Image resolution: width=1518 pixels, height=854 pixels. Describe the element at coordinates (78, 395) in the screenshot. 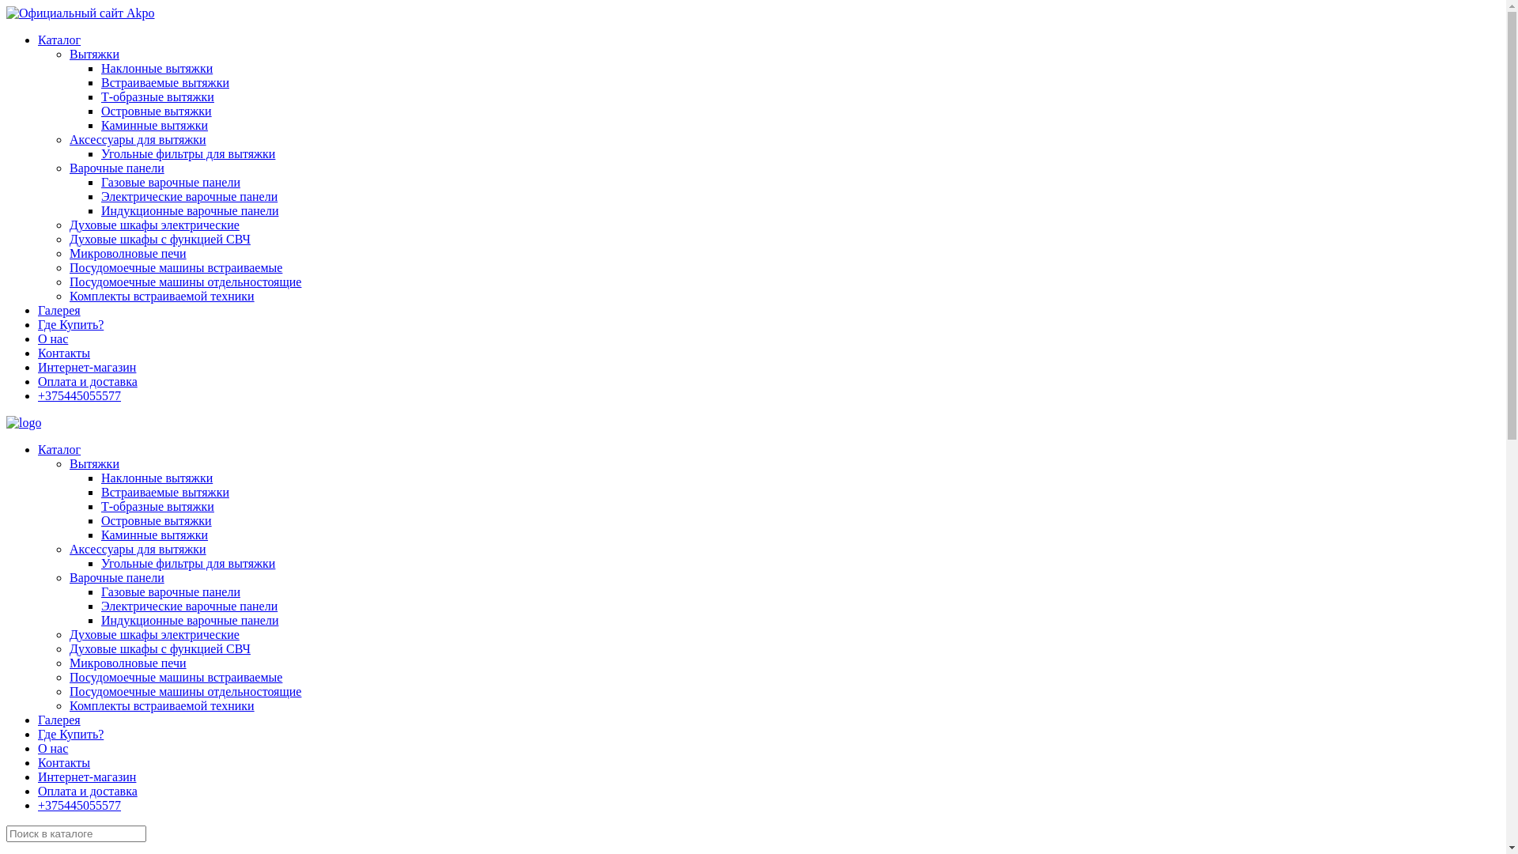

I see `'+375445055577'` at that location.